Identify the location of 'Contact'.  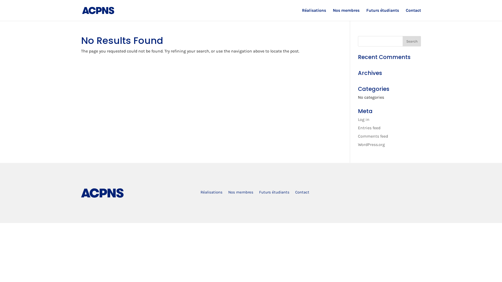
(295, 193).